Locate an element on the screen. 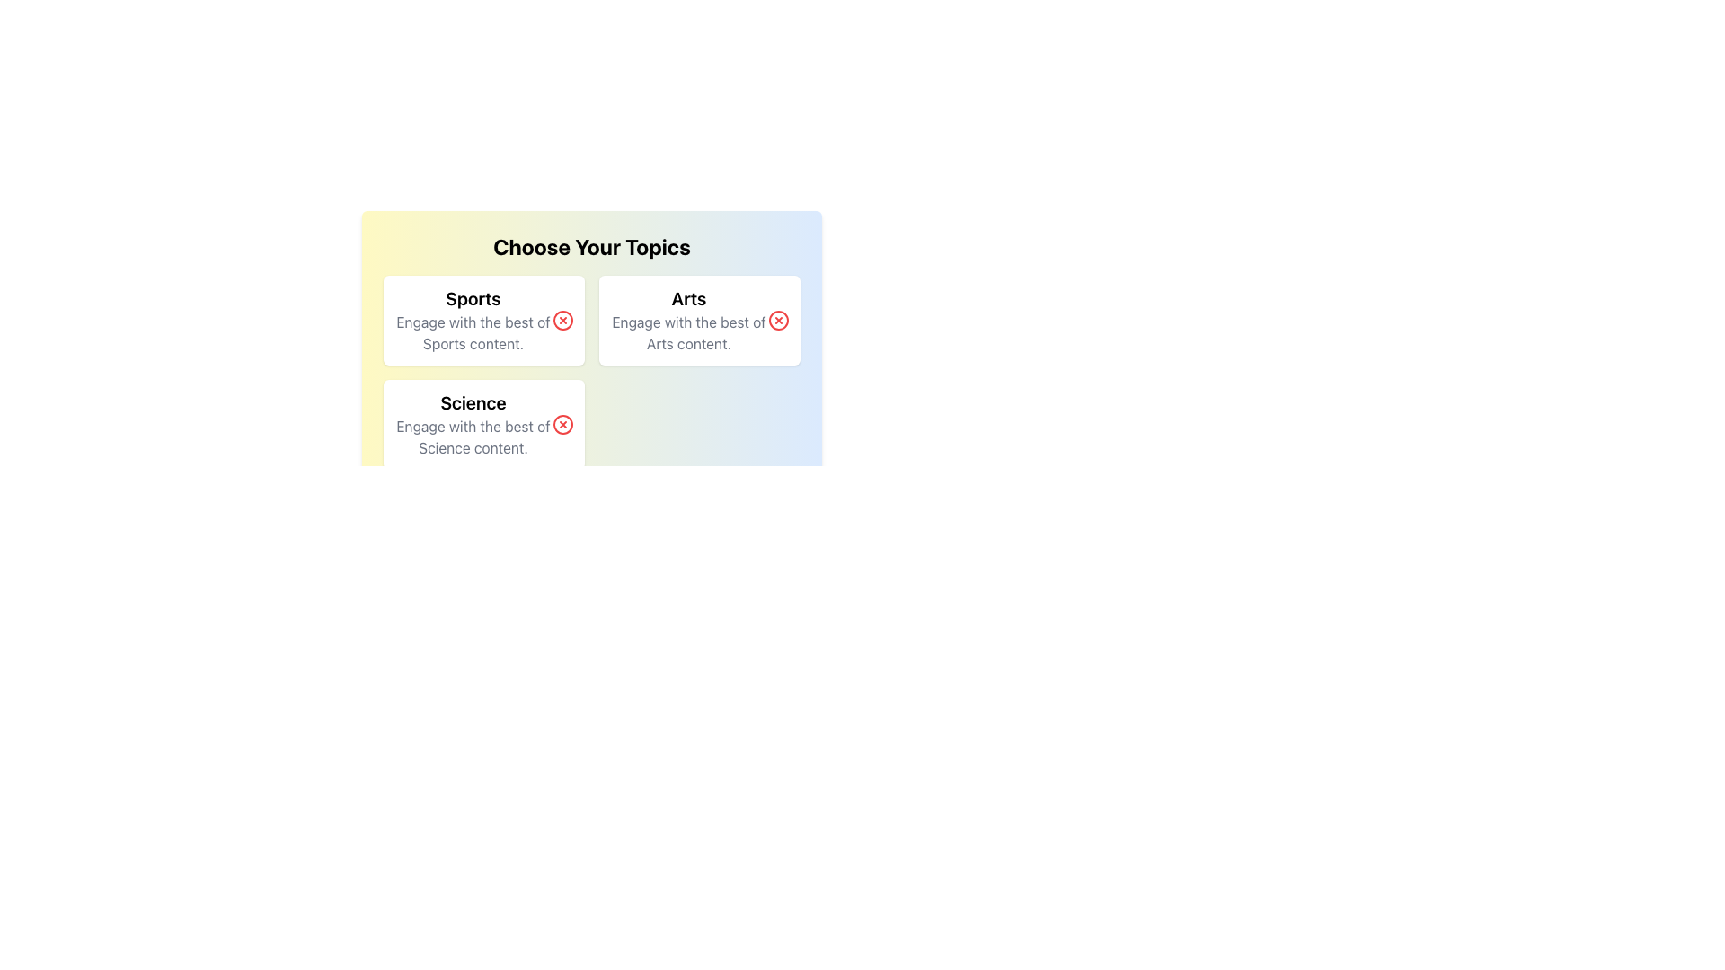  the text block titled 'Science' within the card UI component, which contains a subtitle about engaging with science content is located at coordinates (473, 425).